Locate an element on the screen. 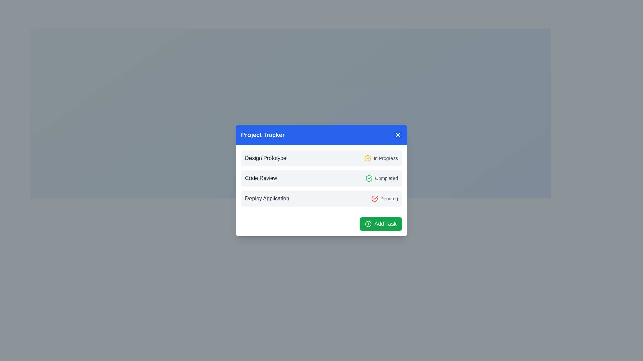 The image size is (643, 361). the 'Deploy Application' text label in the third entry of the task list within the Project Tracker interface is located at coordinates (267, 198).